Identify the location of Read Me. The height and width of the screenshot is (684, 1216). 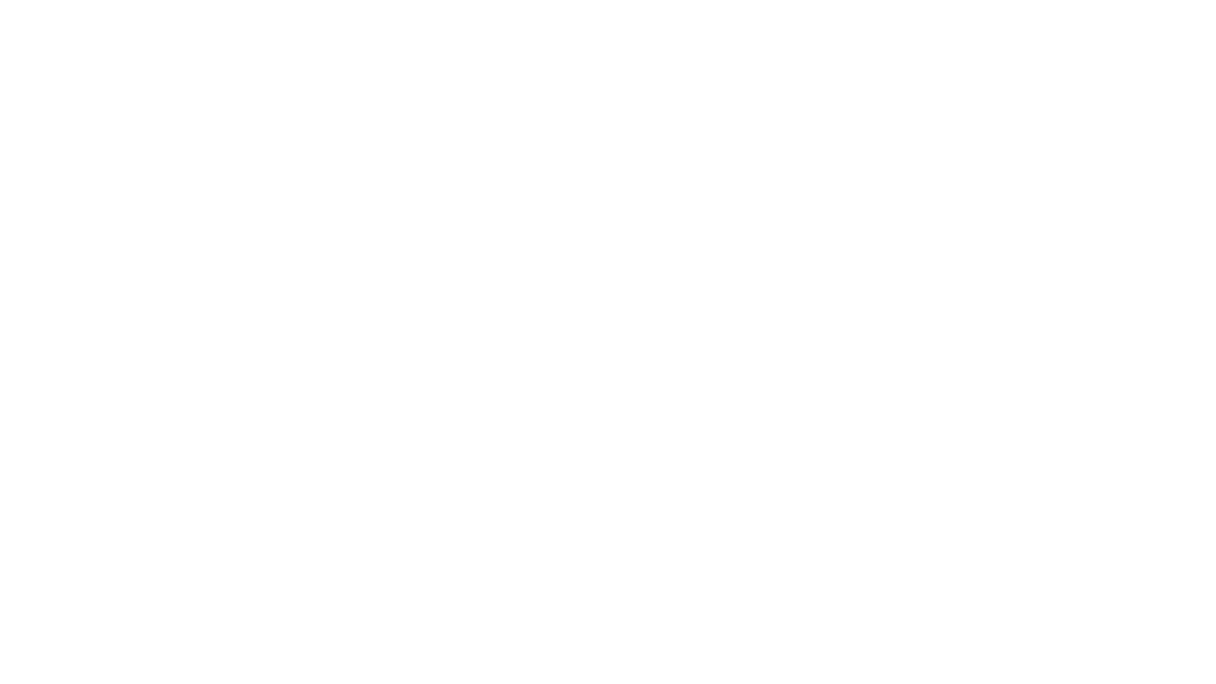
(608, 280).